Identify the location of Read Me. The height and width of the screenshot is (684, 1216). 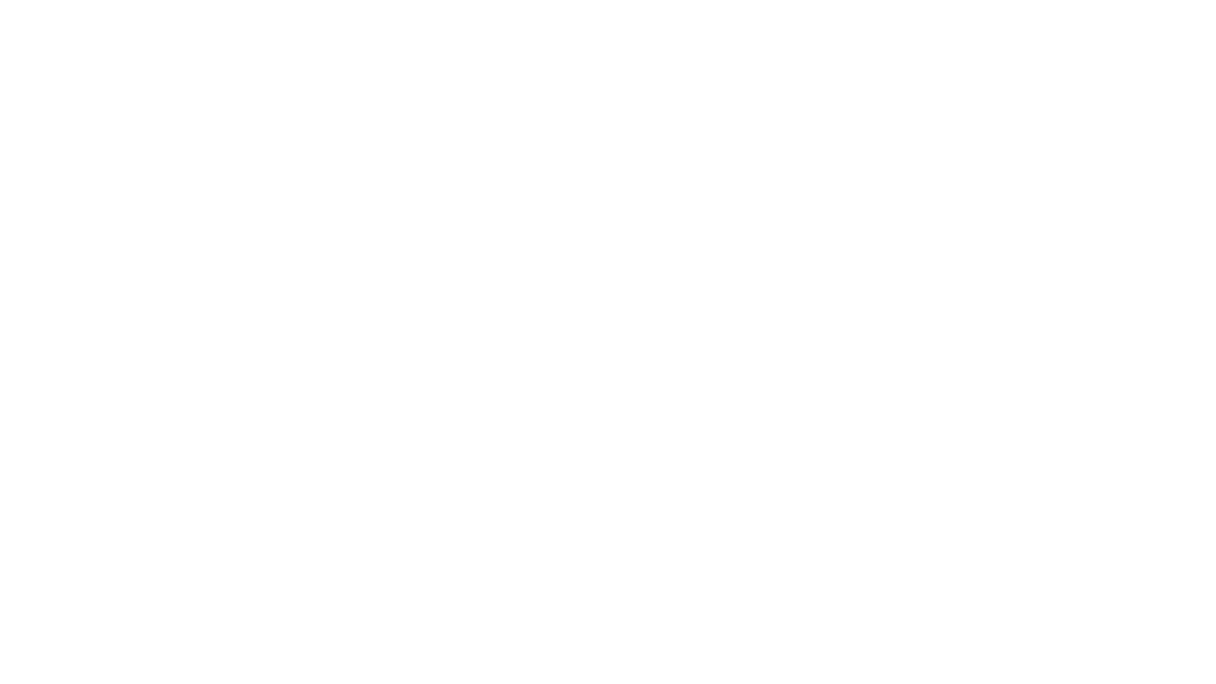
(608, 280).